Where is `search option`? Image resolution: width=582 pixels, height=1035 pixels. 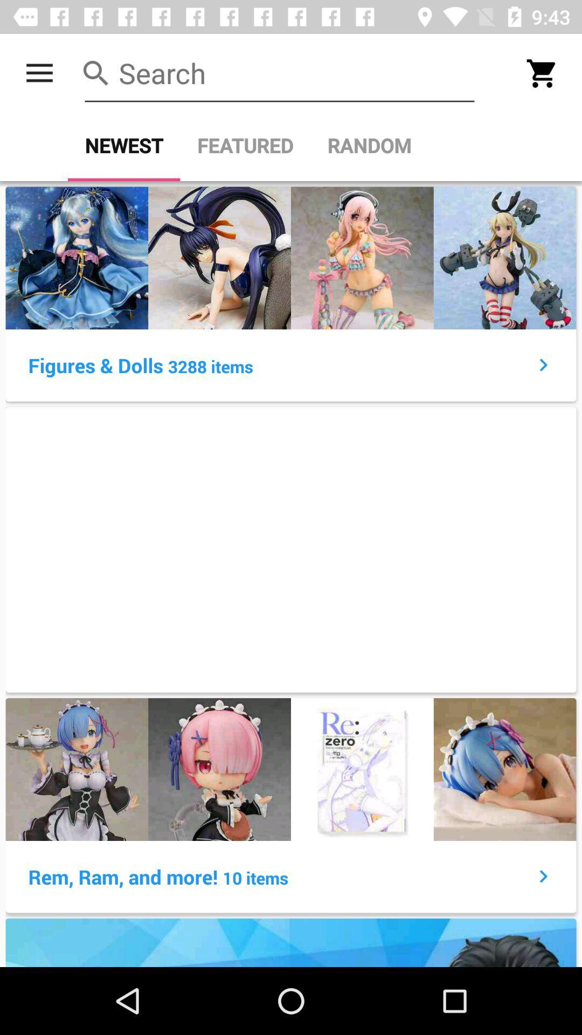 search option is located at coordinates (279, 73).